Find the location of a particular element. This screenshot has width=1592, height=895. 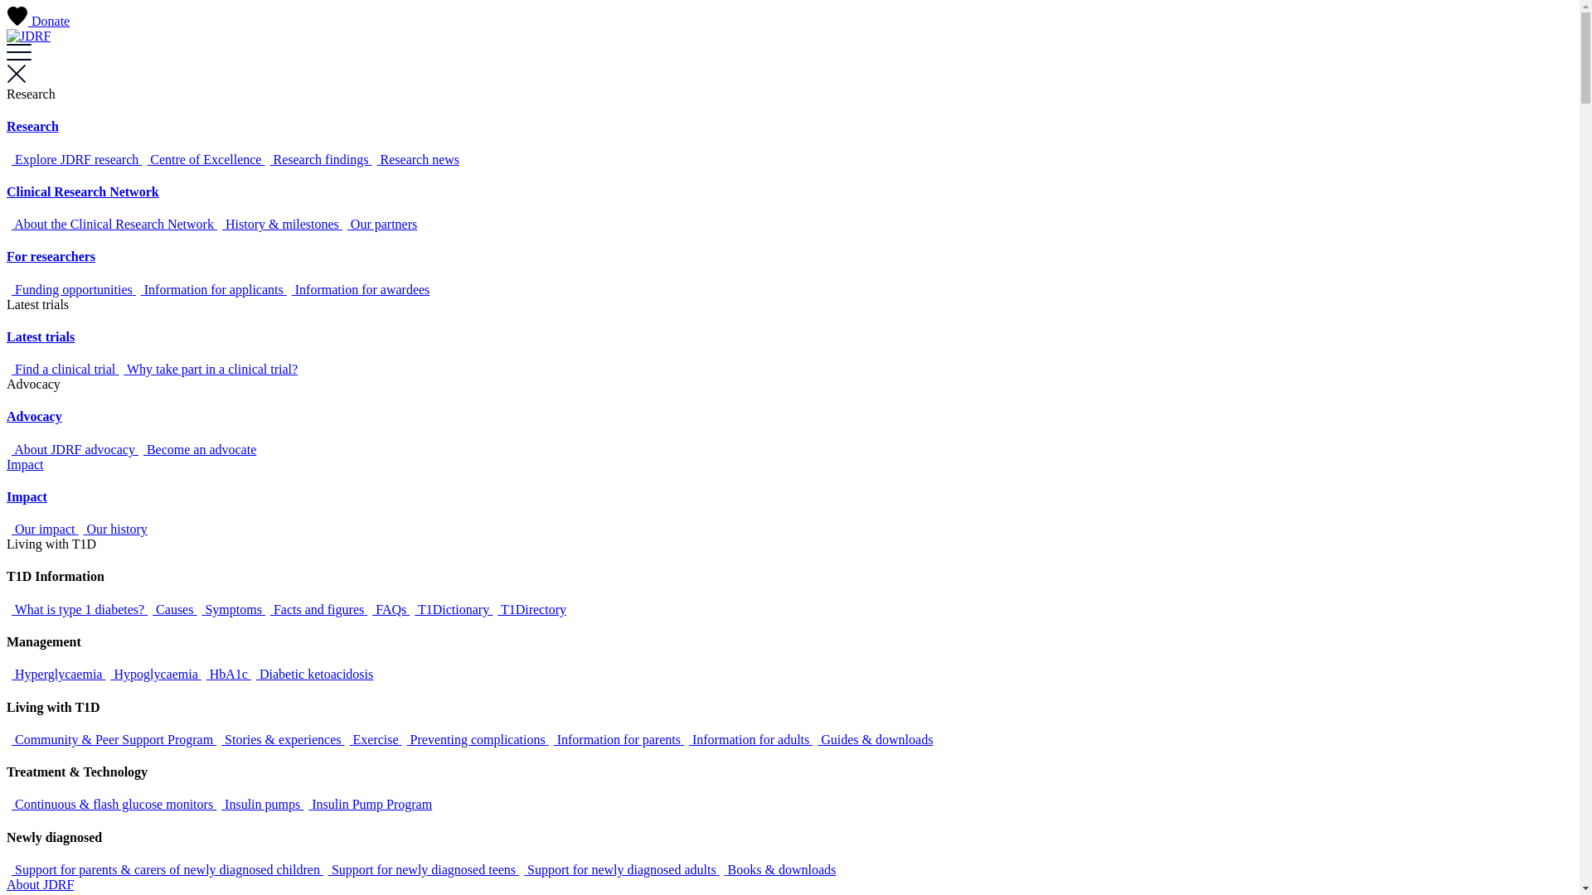

'Advocacy' is located at coordinates (34, 415).